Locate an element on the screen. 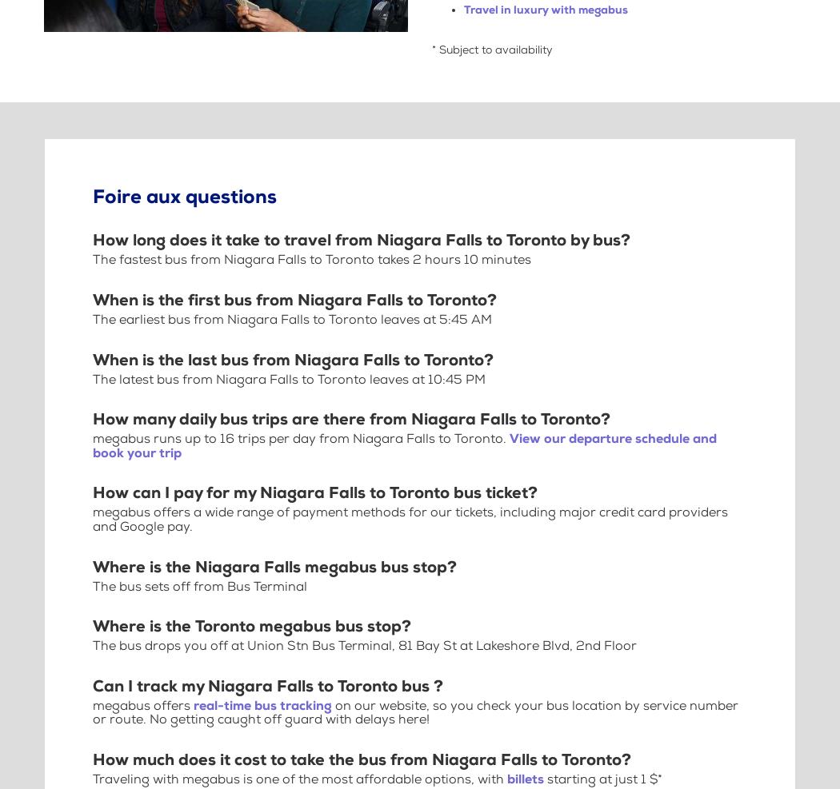 The height and width of the screenshot is (789, 840). 'How many daily bus trips are there from Niagara Falls to Toronto?' is located at coordinates (350, 419).